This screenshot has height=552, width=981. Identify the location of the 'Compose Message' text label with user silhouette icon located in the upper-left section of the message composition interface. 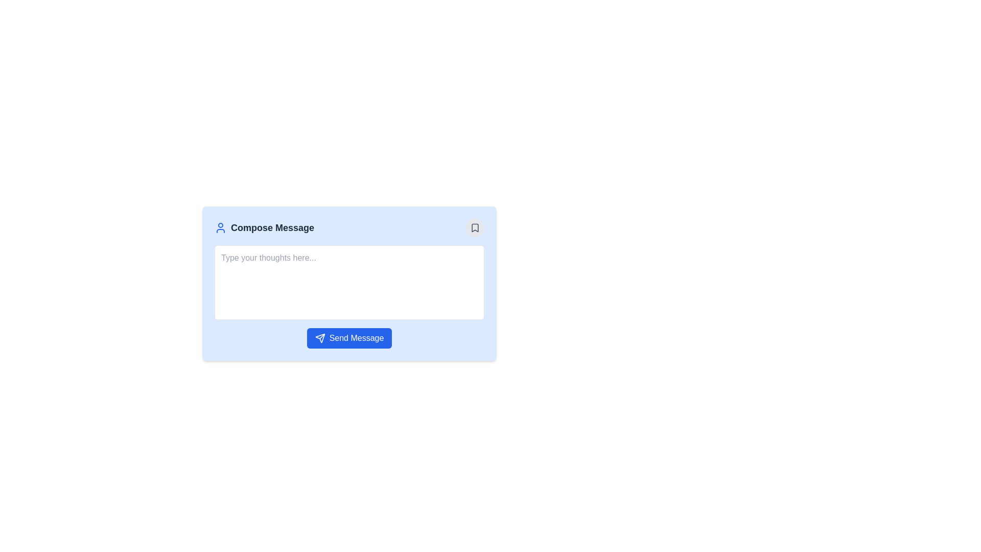
(264, 227).